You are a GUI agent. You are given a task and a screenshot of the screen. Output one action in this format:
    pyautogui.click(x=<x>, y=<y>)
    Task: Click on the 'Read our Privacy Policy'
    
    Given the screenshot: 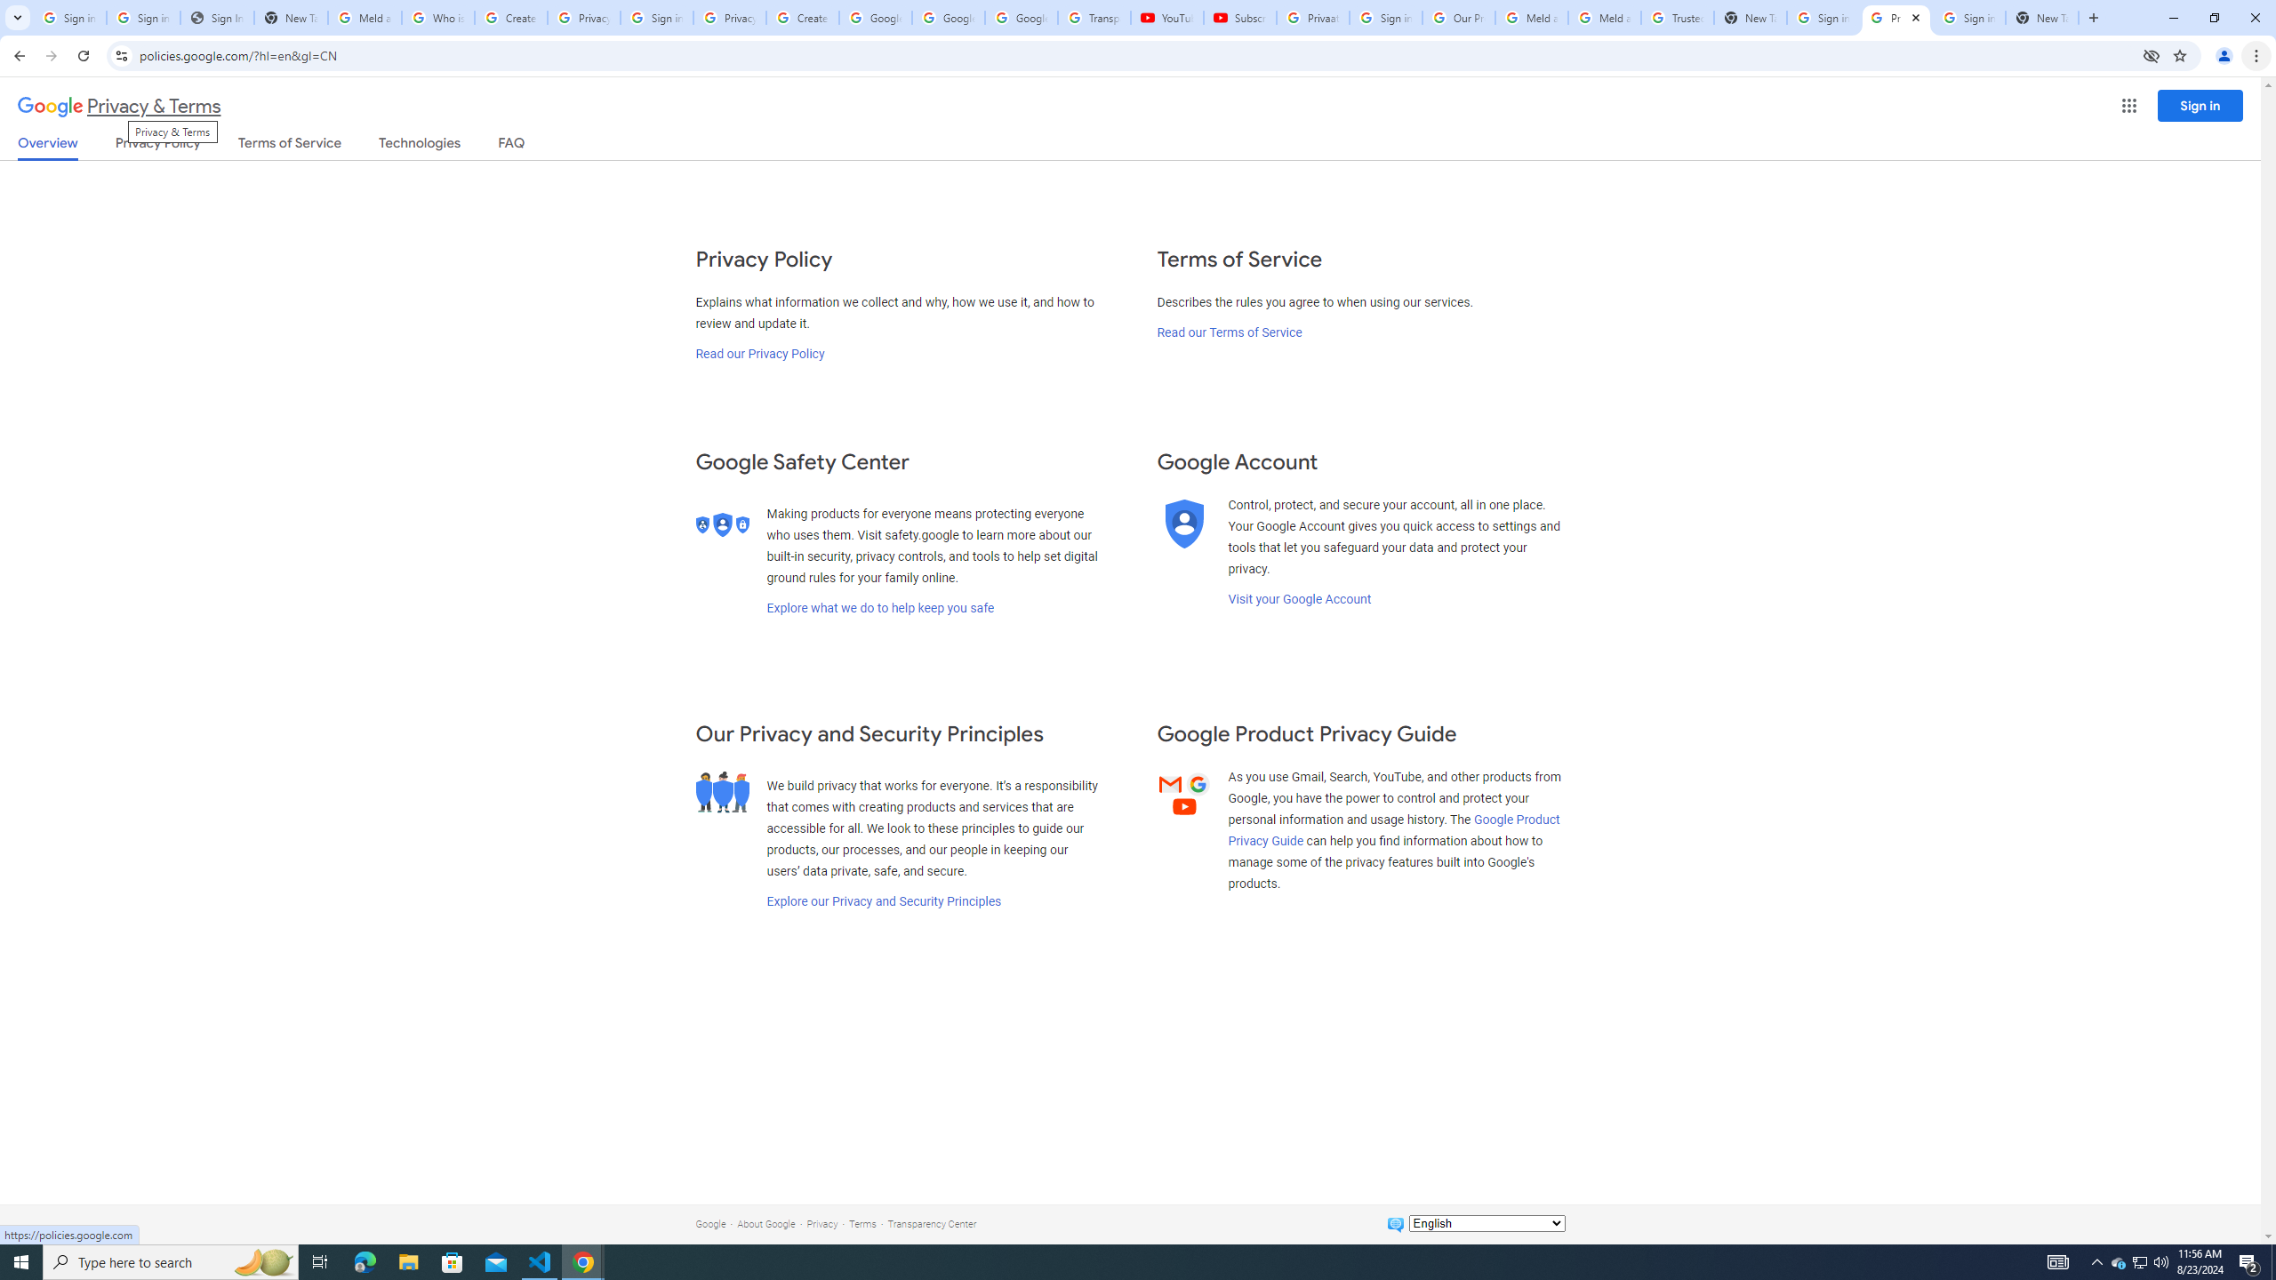 What is the action you would take?
    pyautogui.click(x=757, y=354)
    